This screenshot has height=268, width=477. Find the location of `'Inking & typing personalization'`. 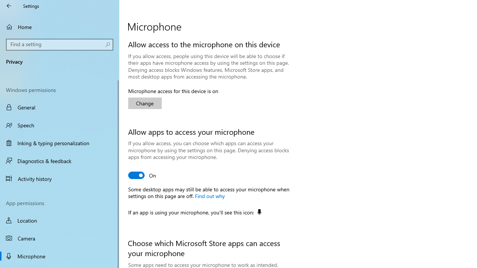

'Inking & typing personalization' is located at coordinates (60, 143).